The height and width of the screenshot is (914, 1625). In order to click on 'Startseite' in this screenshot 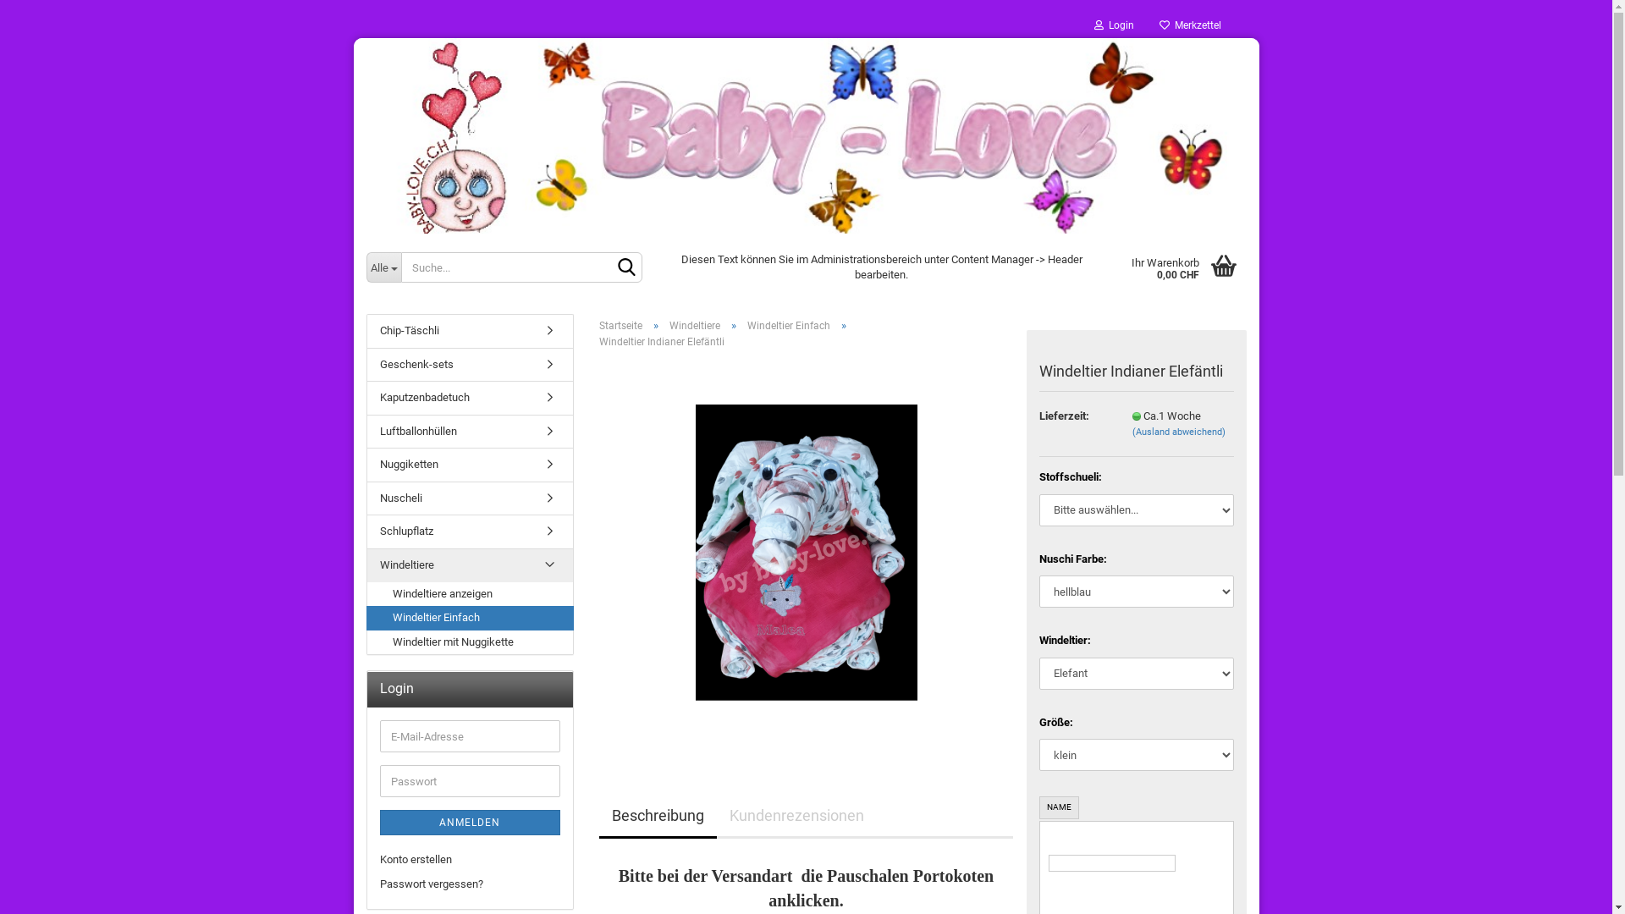, I will do `click(620, 326)`.